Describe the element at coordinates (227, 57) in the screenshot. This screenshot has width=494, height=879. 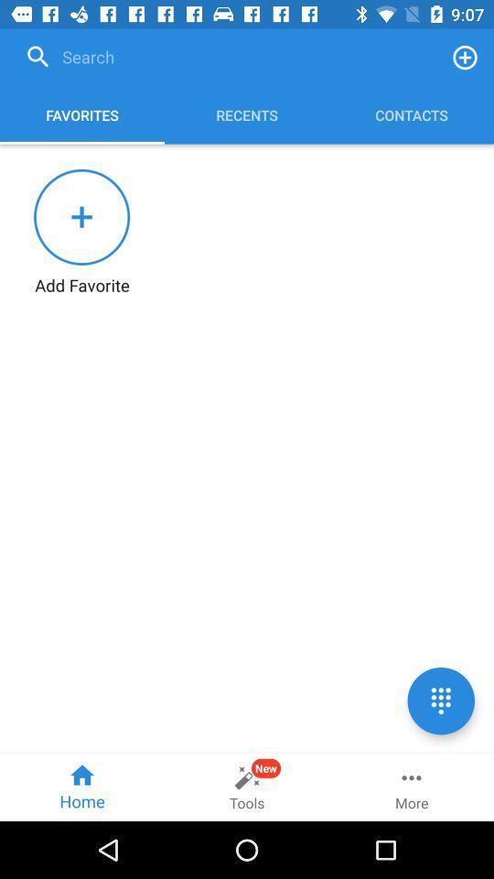
I see `item above favorites item` at that location.